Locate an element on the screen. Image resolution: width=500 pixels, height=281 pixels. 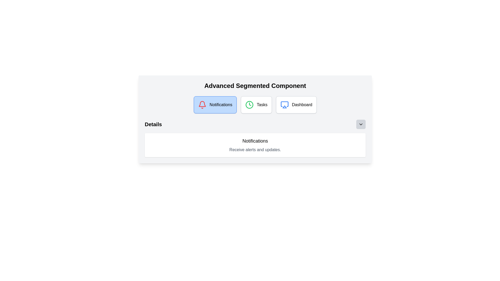
the 'Notifications' button, which is a rectangular button with a light blue background, featuring a red bell icon and bold text on its right, located at the top left of the button row is located at coordinates (215, 105).